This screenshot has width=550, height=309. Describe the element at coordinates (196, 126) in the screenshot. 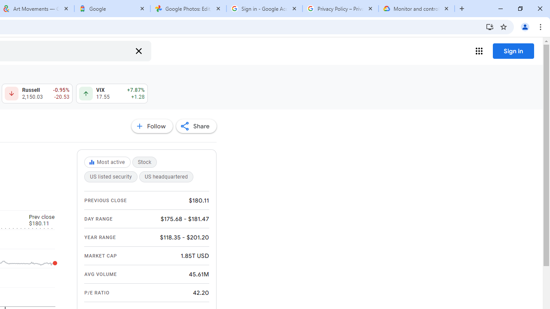

I see `'Share'` at that location.